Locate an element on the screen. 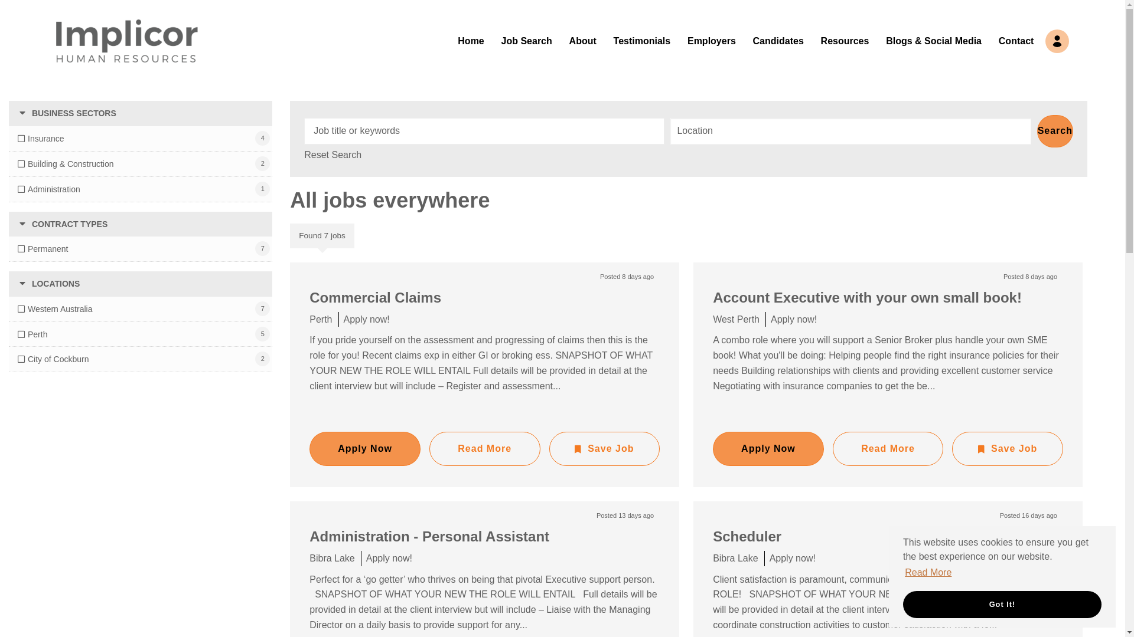 Image resolution: width=1134 pixels, height=637 pixels. 'Home' is located at coordinates (470, 40).